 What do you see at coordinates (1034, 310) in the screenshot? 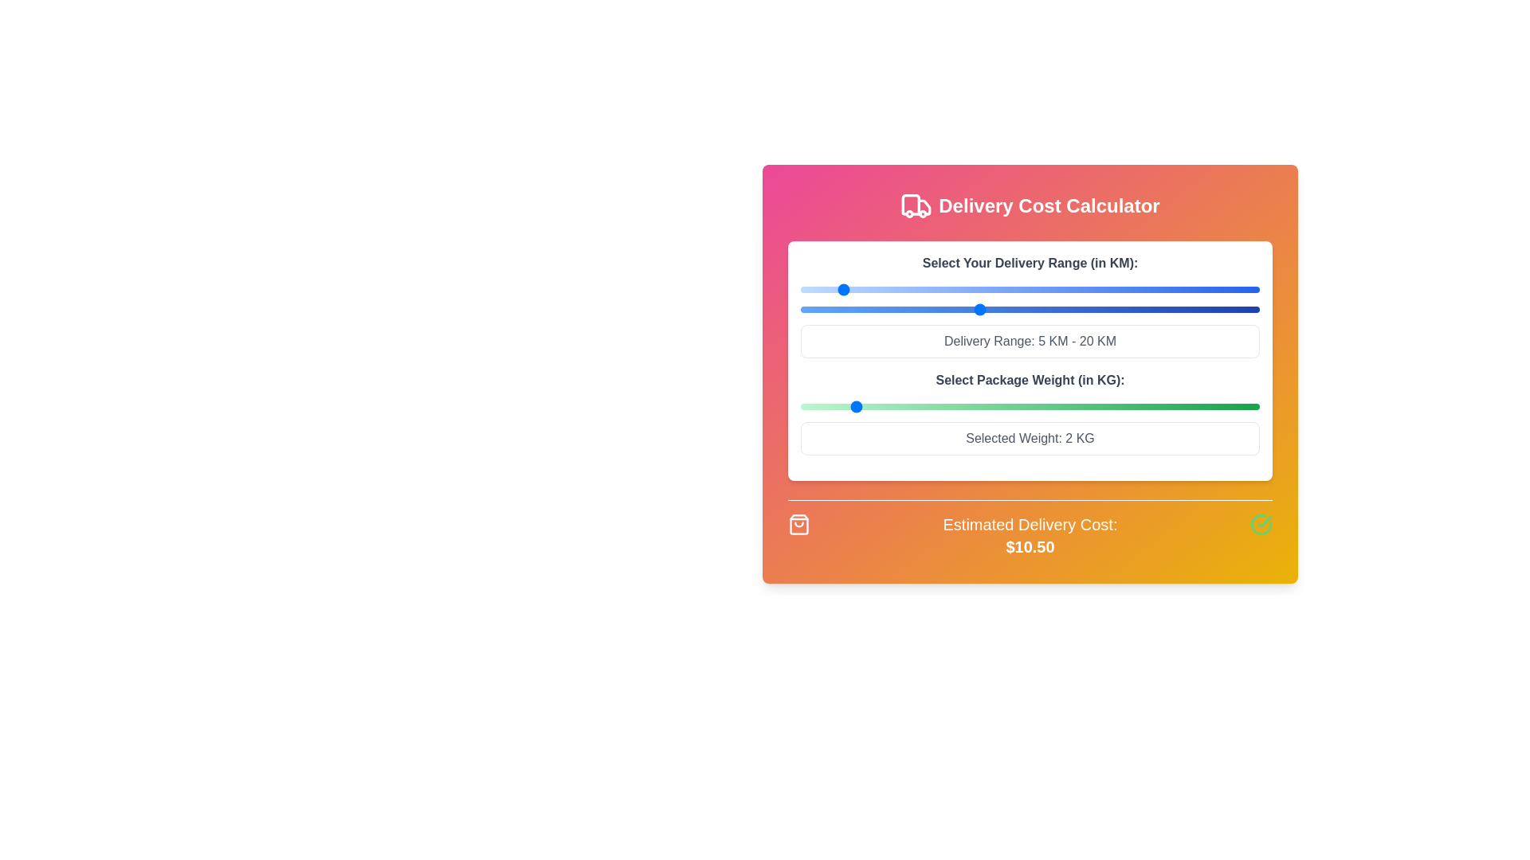
I see `delivery range` at bounding box center [1034, 310].